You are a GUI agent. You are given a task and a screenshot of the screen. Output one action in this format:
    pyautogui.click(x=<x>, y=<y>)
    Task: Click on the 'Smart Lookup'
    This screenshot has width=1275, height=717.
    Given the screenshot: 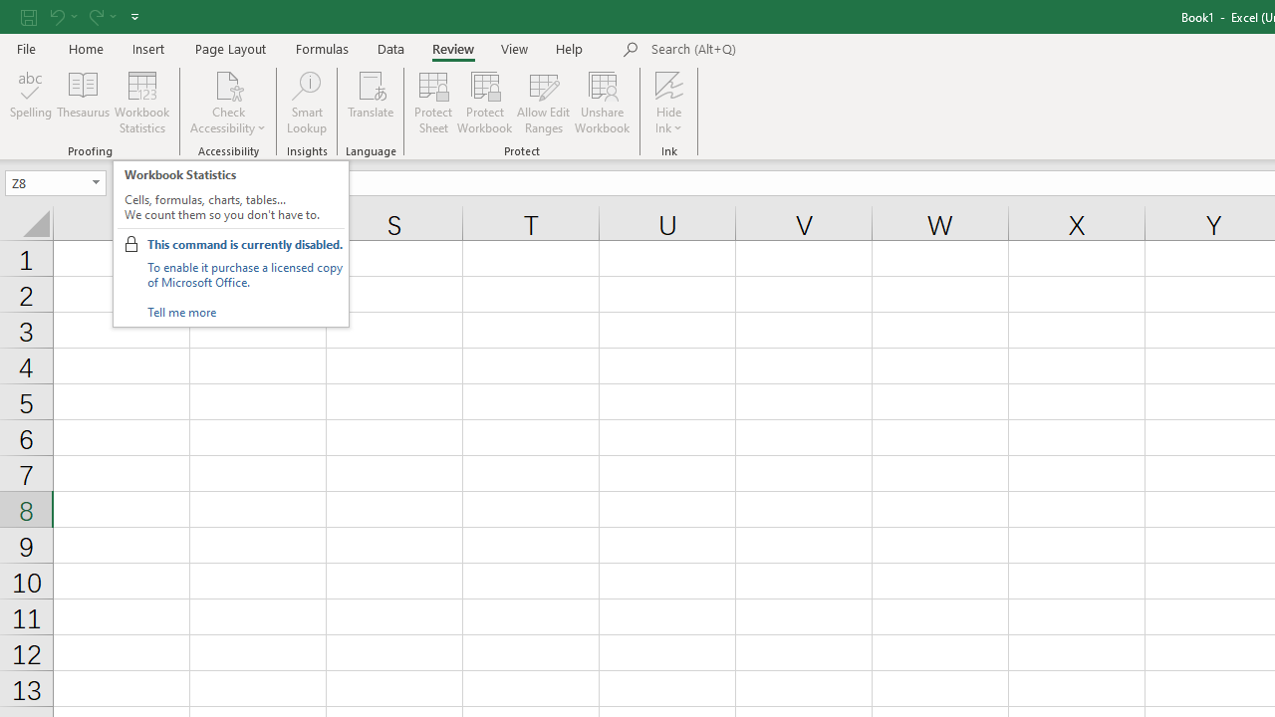 What is the action you would take?
    pyautogui.click(x=306, y=103)
    